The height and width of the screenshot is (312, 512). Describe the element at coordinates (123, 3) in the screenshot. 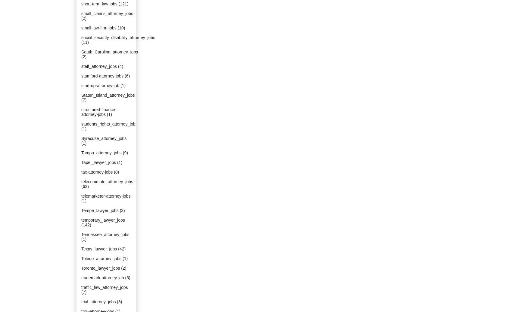

I see `'(121)'` at that location.